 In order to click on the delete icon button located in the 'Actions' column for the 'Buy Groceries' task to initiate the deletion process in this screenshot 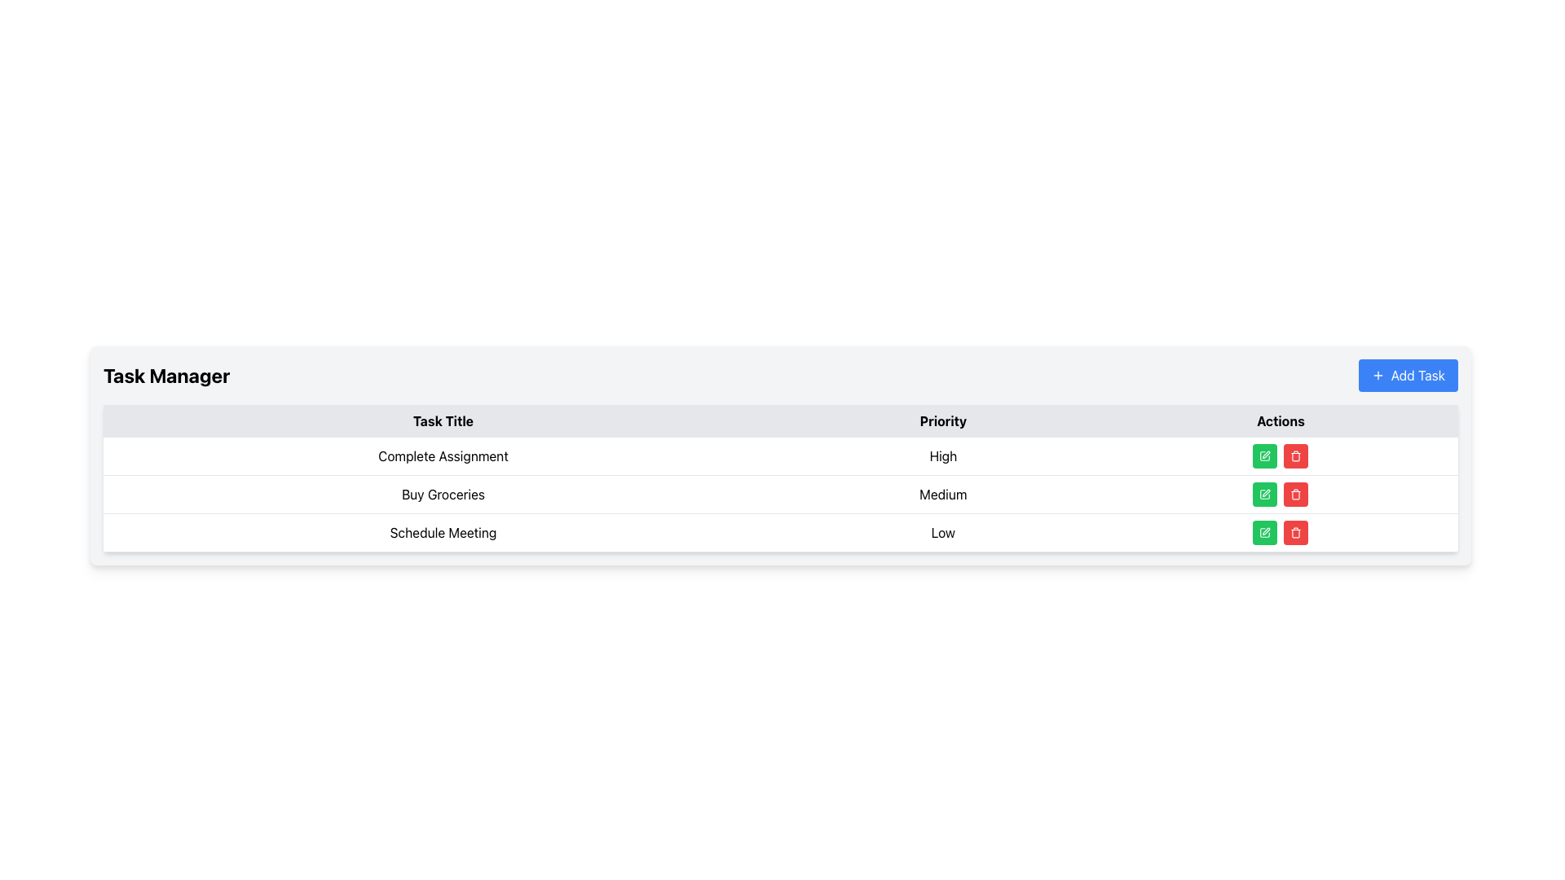, I will do `click(1295, 493)`.